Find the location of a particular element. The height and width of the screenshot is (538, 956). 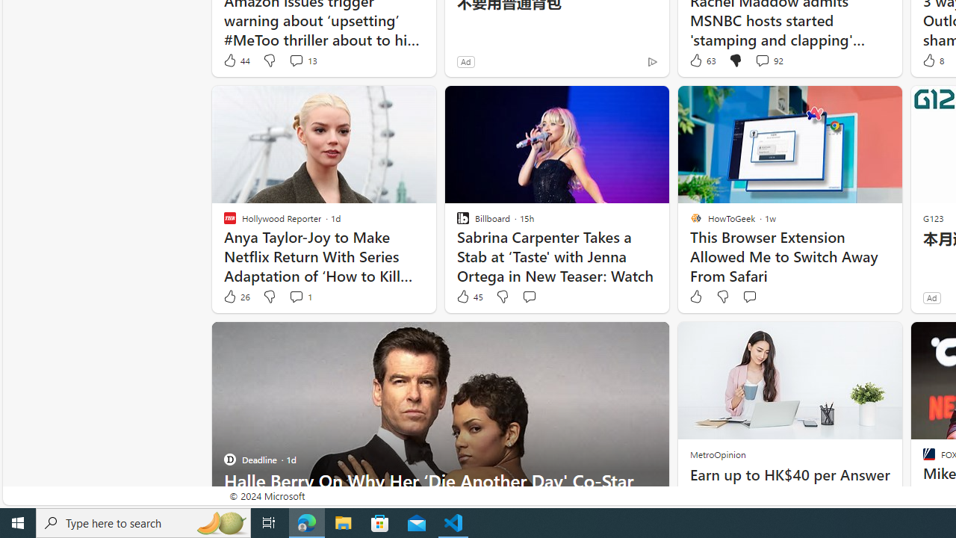

'Hide this story' is located at coordinates (624, 340).